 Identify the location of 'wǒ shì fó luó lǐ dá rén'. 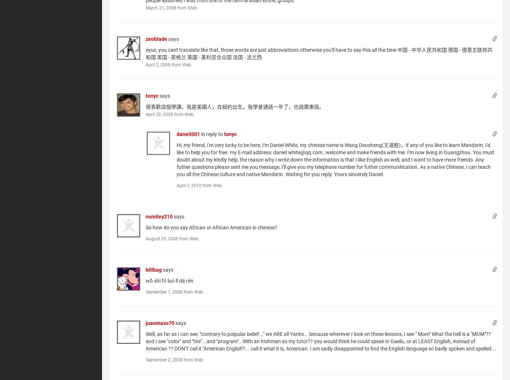
(169, 280).